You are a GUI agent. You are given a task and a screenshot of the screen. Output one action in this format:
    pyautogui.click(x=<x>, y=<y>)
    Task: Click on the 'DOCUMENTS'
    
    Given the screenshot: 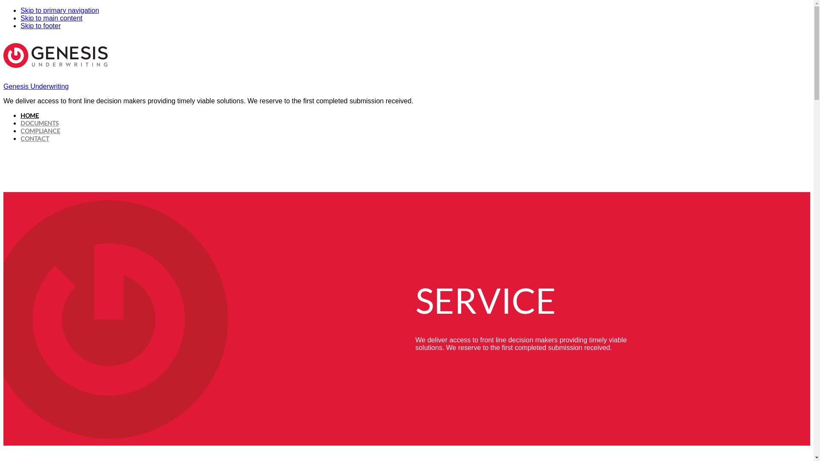 What is the action you would take?
    pyautogui.click(x=20, y=123)
    